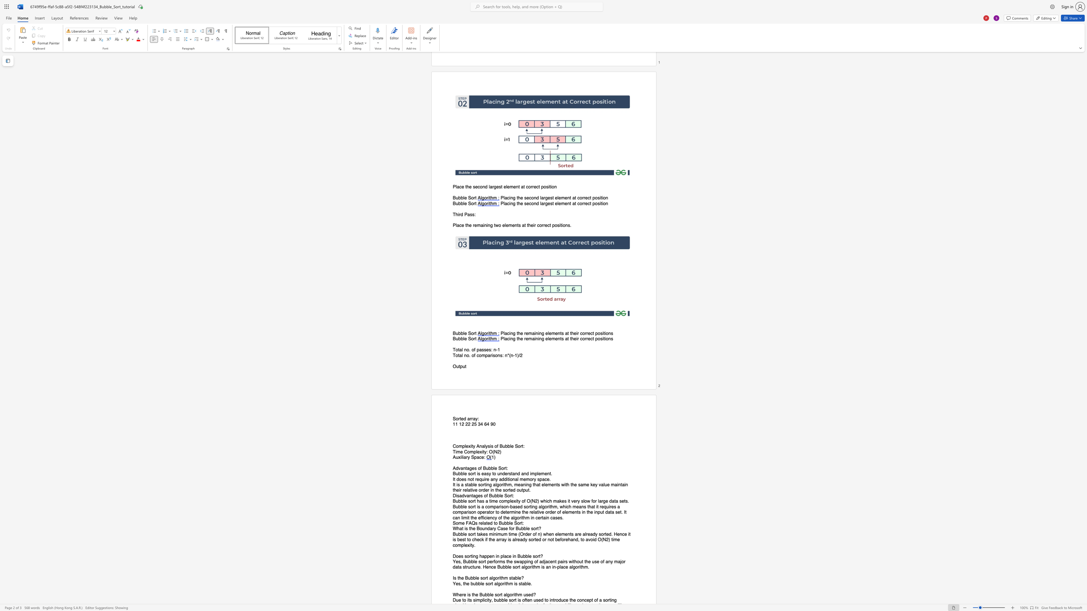  Describe the element at coordinates (496, 479) in the screenshot. I see `the 1th character "y" in the text` at that location.